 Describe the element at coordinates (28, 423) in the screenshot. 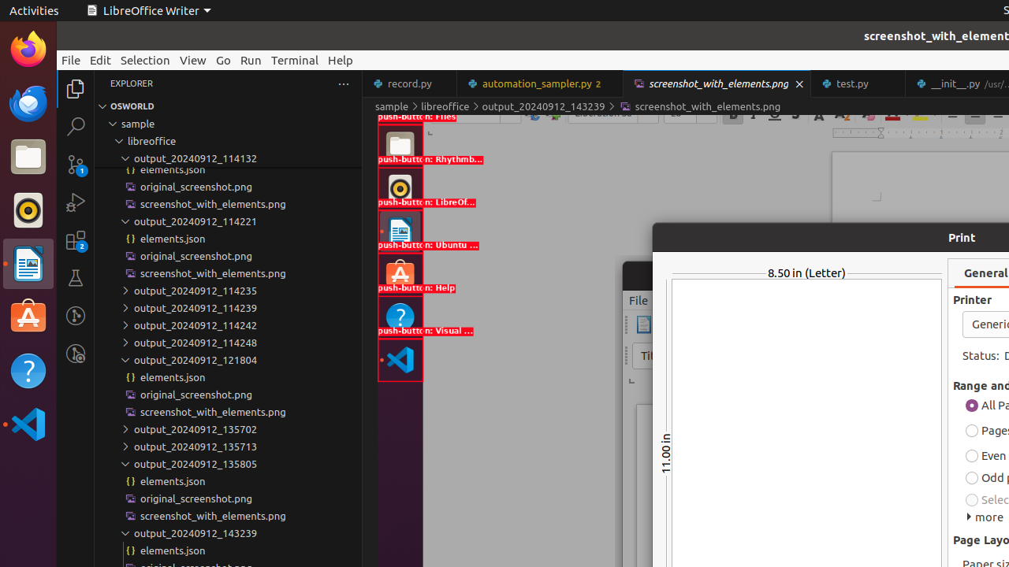

I see `'Visual Studio Code'` at that location.